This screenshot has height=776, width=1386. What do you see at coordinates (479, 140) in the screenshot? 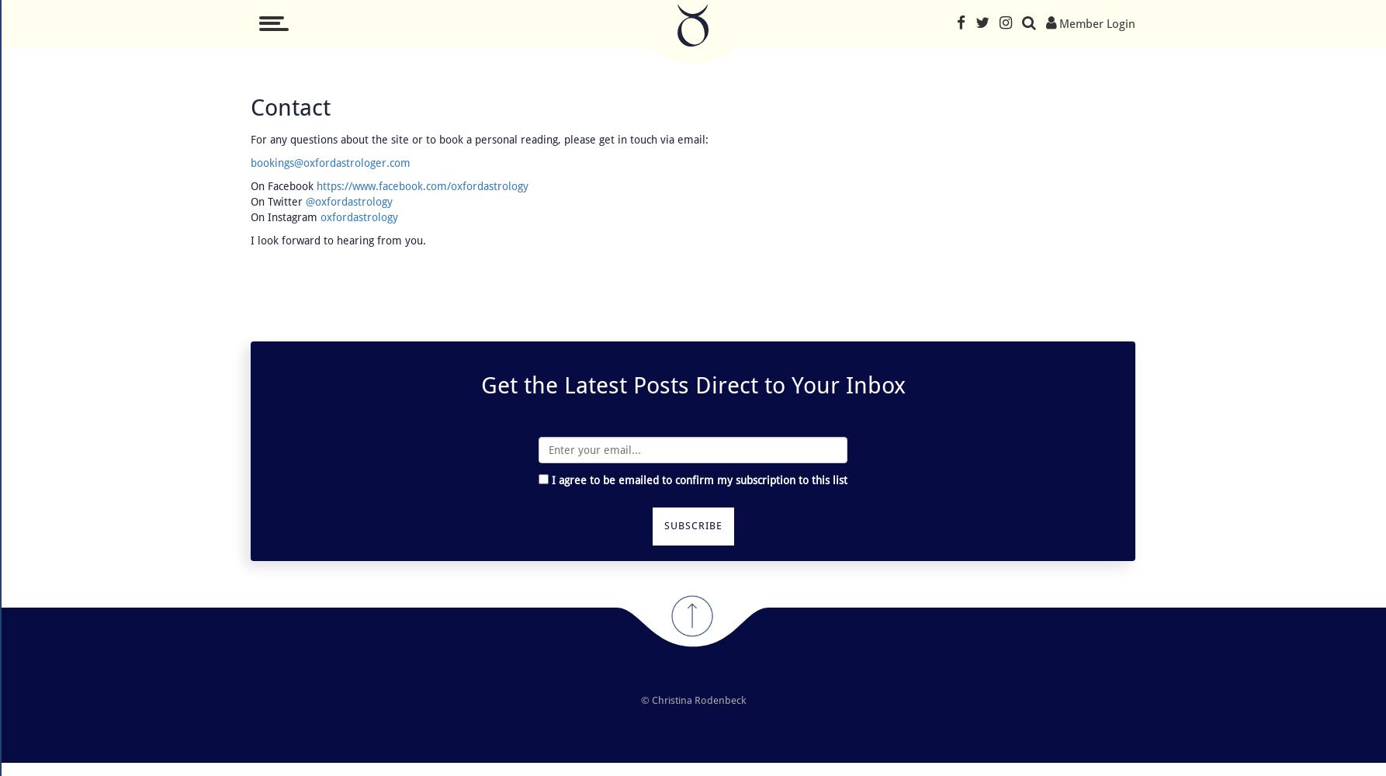
I see `'For any questions about the site or to book a personal reading, please get in touch via email:'` at bounding box center [479, 140].